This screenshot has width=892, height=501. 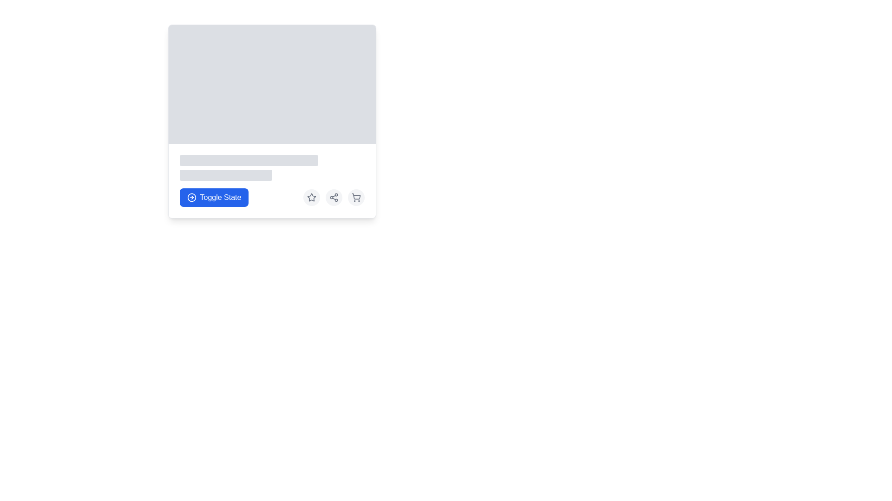 I want to click on the circular icon with a right-pointing arrow located within the 'Toggle State' button, which has a white outline and is positioned at the bottom left of the card layout, so click(x=191, y=197).